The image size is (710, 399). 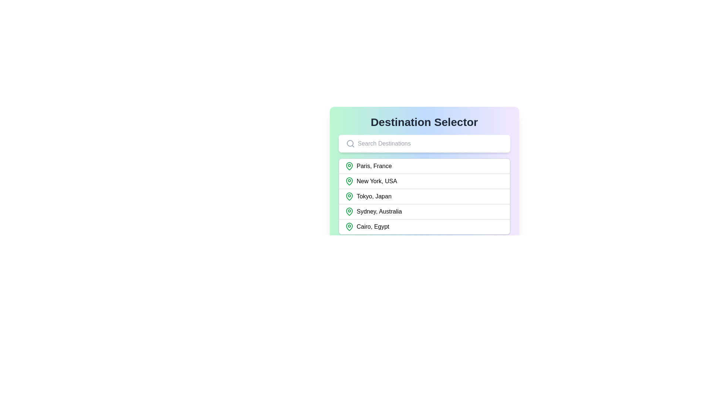 What do you see at coordinates (424, 211) in the screenshot?
I see `the interactive list item for 'Sydney, Australia'` at bounding box center [424, 211].